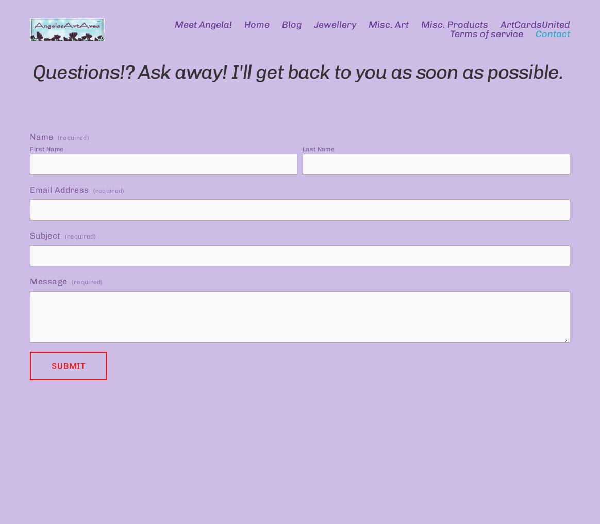  Describe the element at coordinates (485, 34) in the screenshot. I see `'Terms of service'` at that location.